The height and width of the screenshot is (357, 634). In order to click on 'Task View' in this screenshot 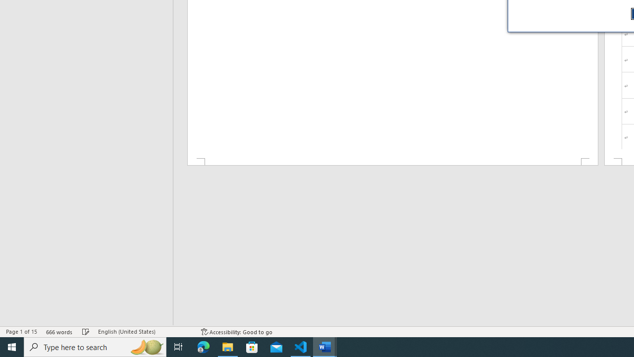, I will do `click(178, 346)`.